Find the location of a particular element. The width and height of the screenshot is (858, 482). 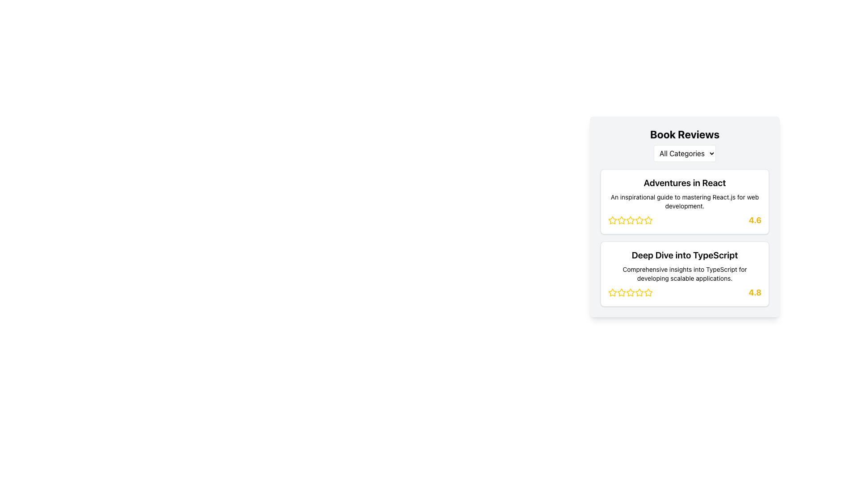

the card titled 'Deep Dive into TypeScript', which is the second card in the 'Book Reviews' section is located at coordinates (684, 273).